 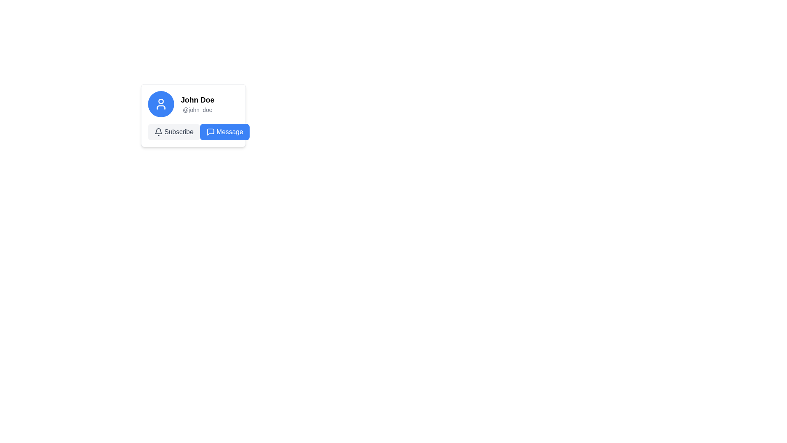 I want to click on the blue 'Message' button with a speech bubble icon, so click(x=225, y=131).